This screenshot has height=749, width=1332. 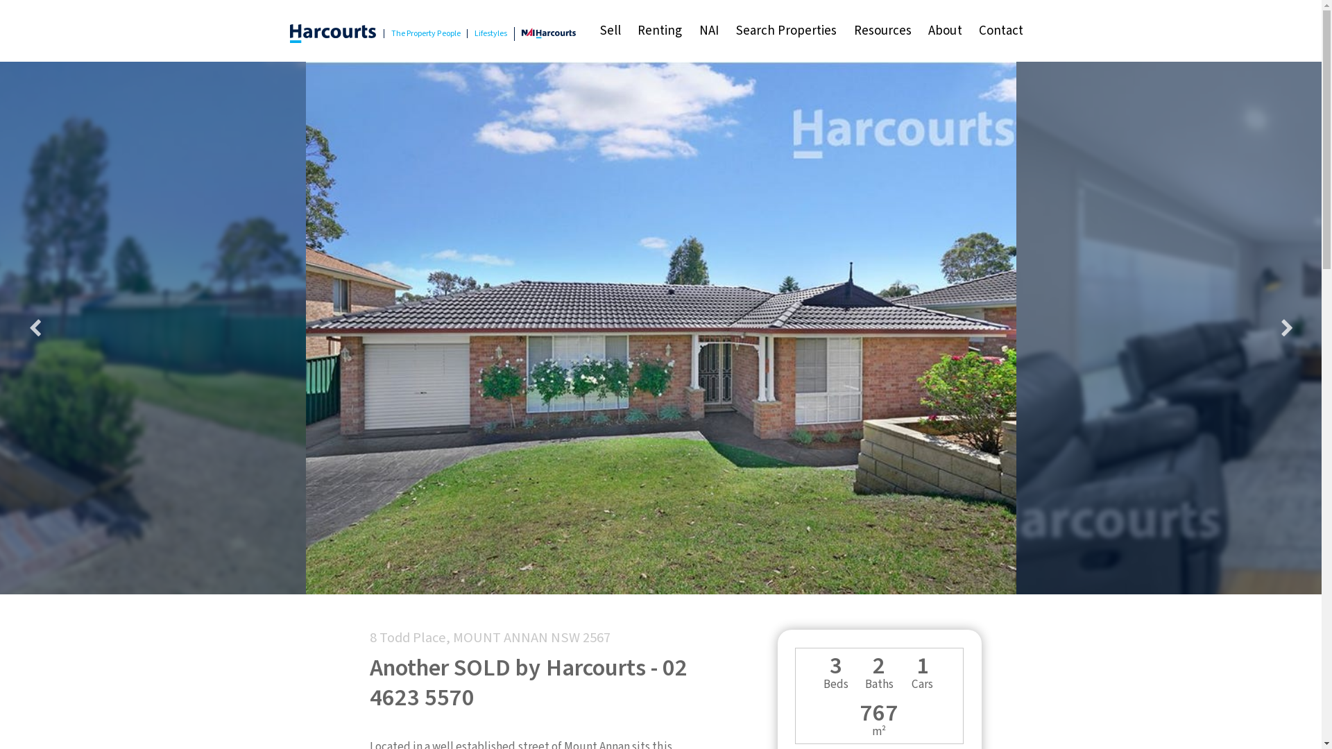 I want to click on 'Sell', so click(x=590, y=31).